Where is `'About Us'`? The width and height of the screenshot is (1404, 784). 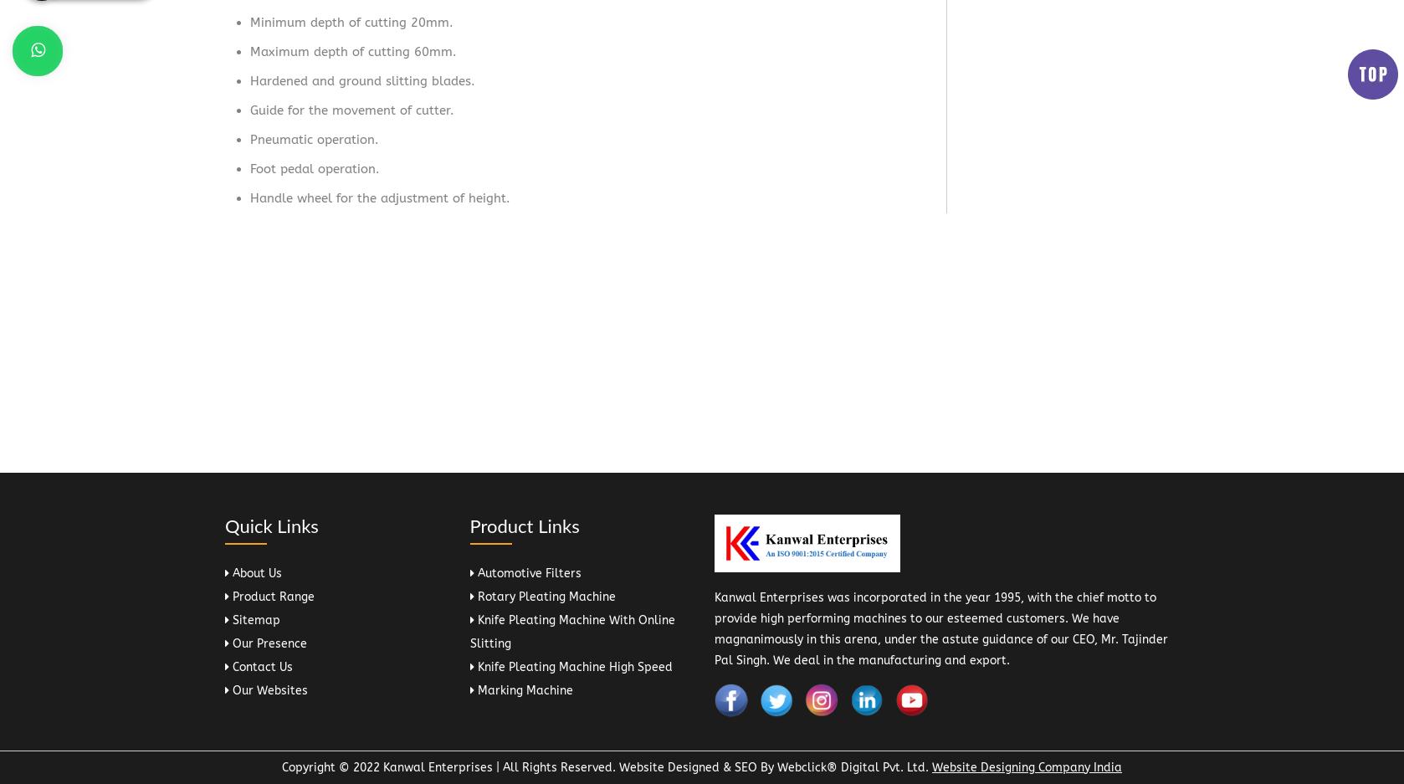 'About Us' is located at coordinates (229, 571).